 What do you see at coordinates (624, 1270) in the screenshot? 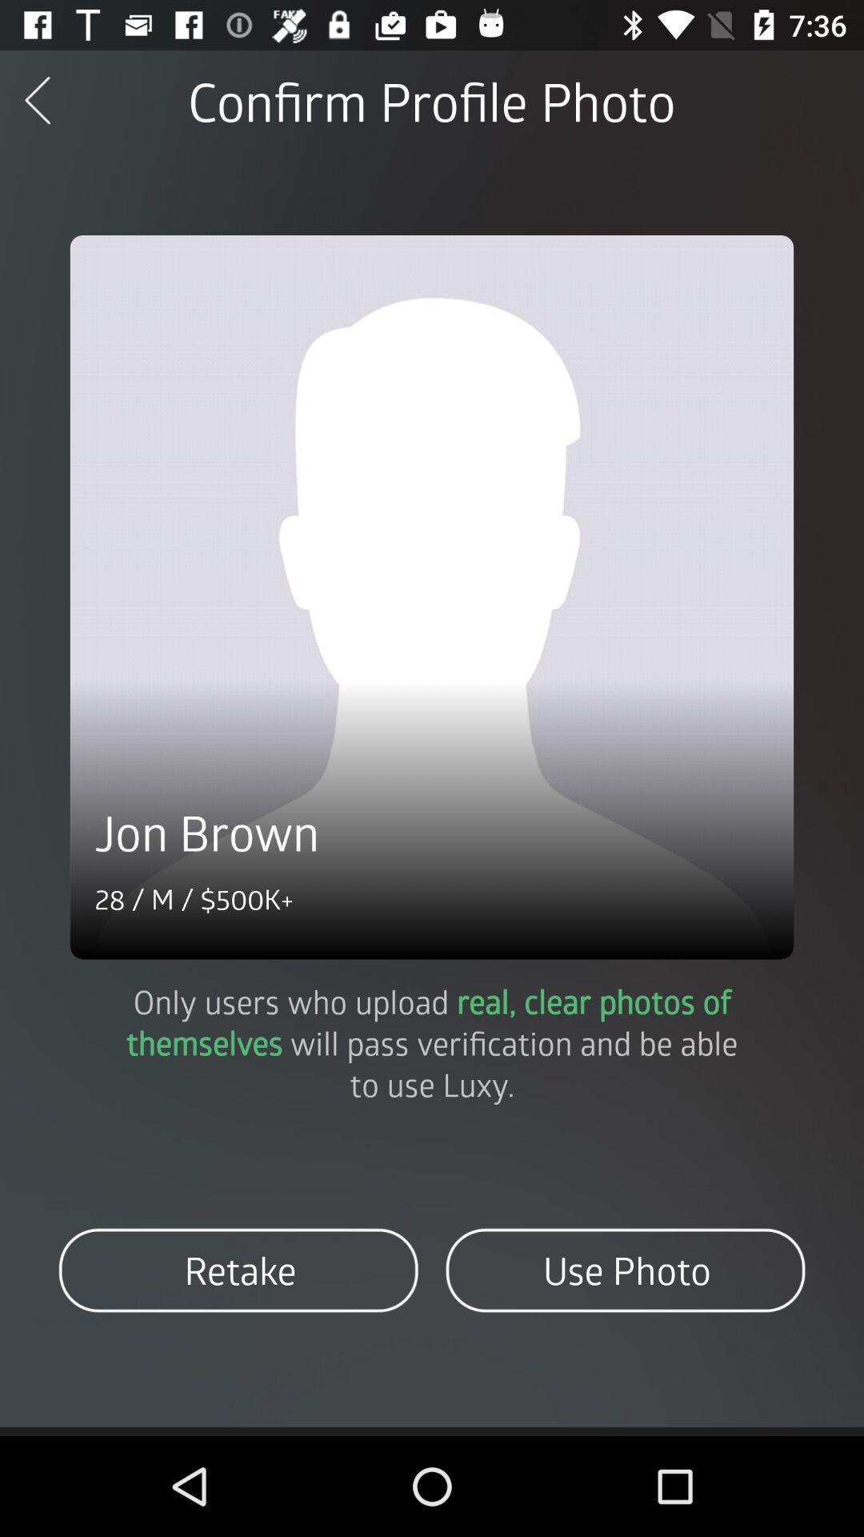
I see `the item next to the retake` at bounding box center [624, 1270].